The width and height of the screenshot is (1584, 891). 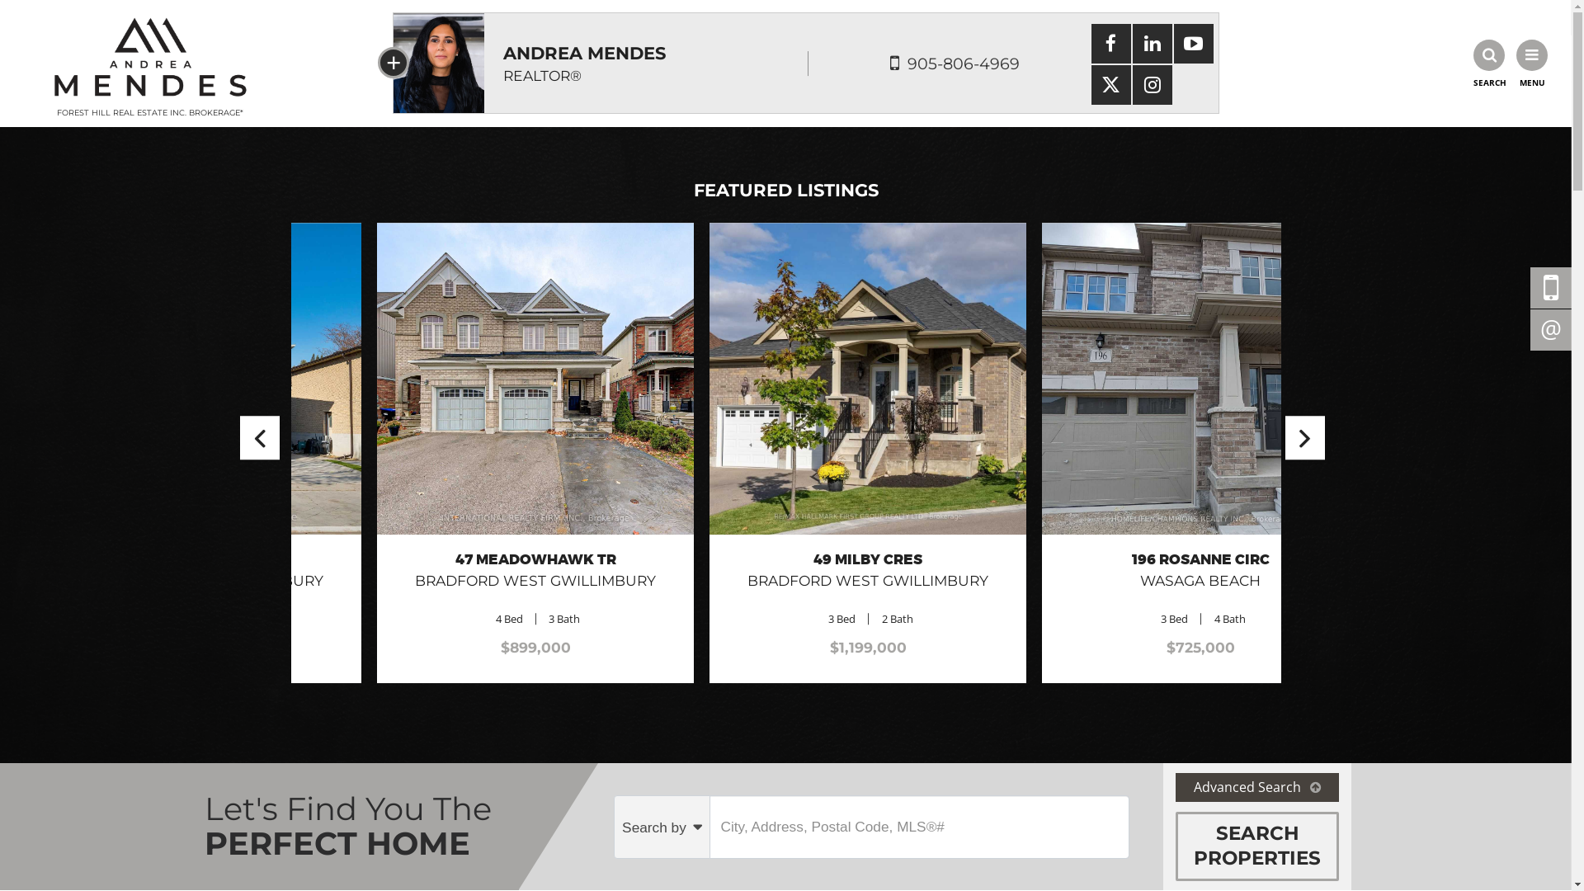 I want to click on 'Search by', so click(x=613, y=827).